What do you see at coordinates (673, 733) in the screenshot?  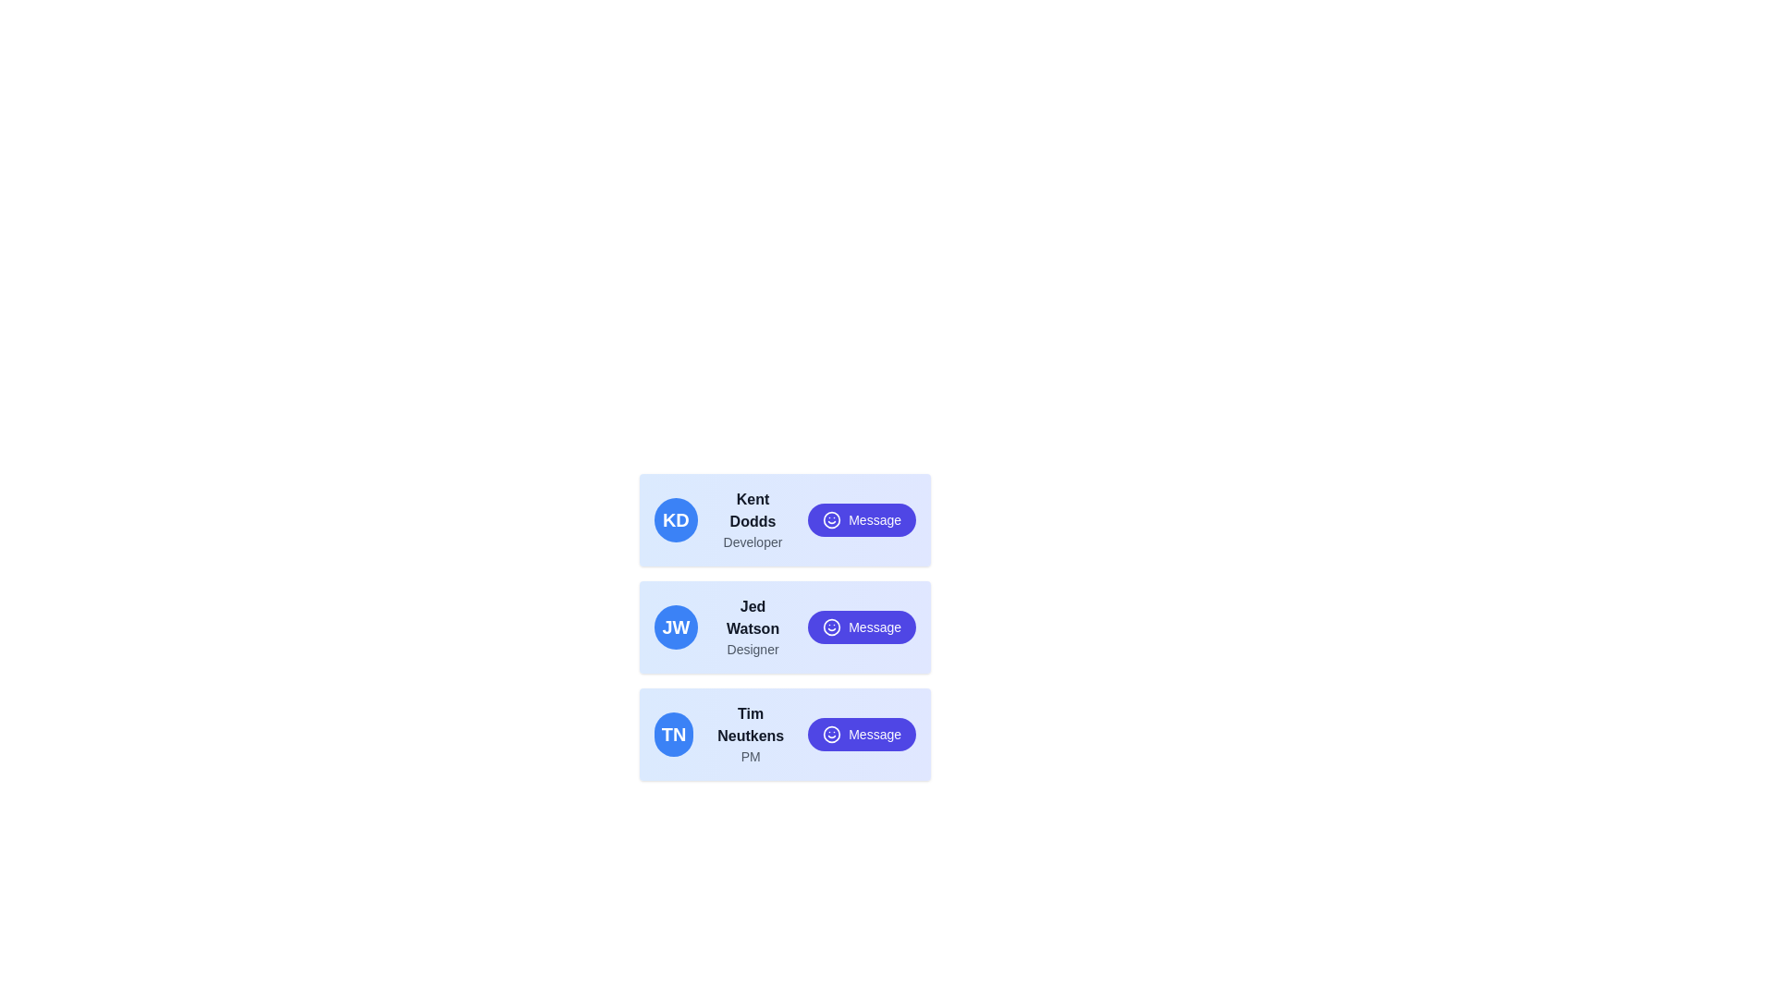 I see `the Profile Badge representing user initials, which is located to the left of 'Tim Neutkens' and the 'Message' button` at bounding box center [673, 733].